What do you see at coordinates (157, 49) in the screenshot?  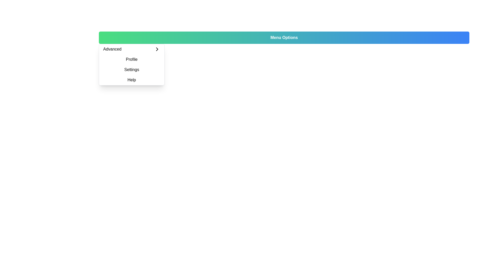 I see `the small right-pointing chevron icon located to the far-right side of the 'Advanced' menu item within the dropdown menu` at bounding box center [157, 49].